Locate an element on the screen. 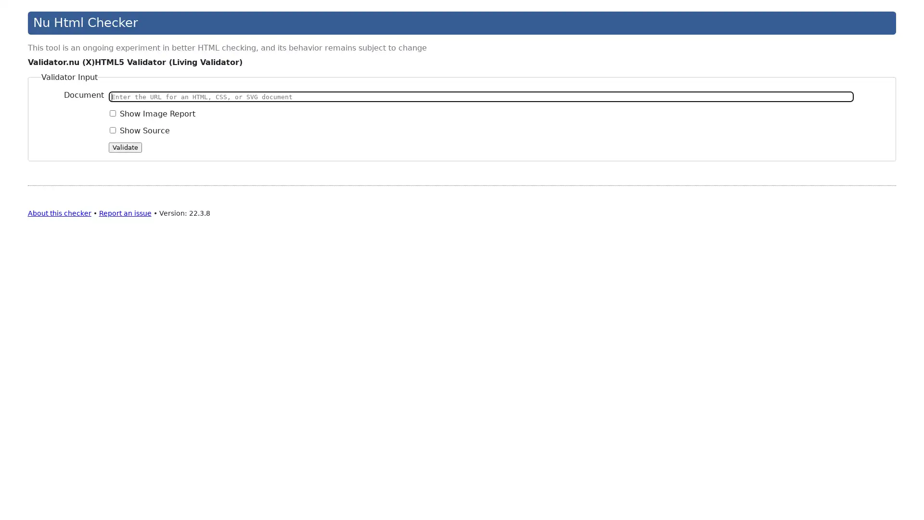  Validate is located at coordinates (125, 147).